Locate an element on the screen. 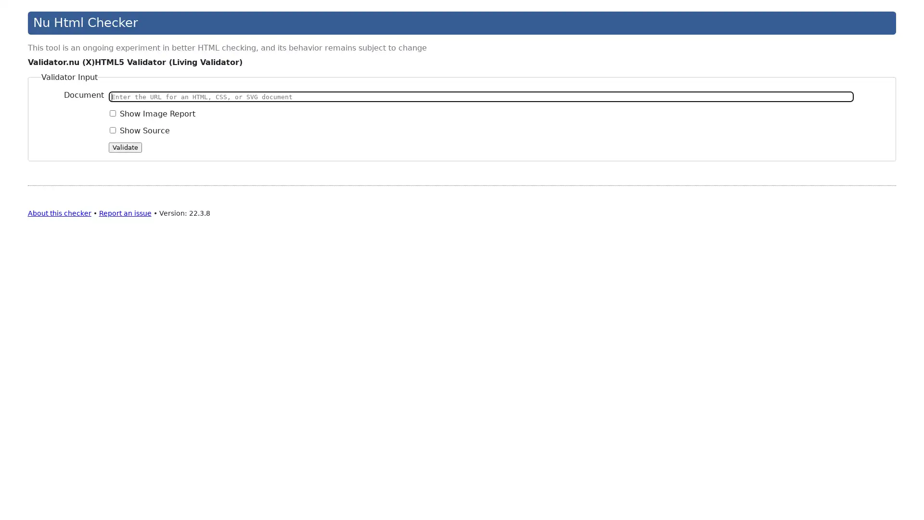  Validate is located at coordinates (125, 147).